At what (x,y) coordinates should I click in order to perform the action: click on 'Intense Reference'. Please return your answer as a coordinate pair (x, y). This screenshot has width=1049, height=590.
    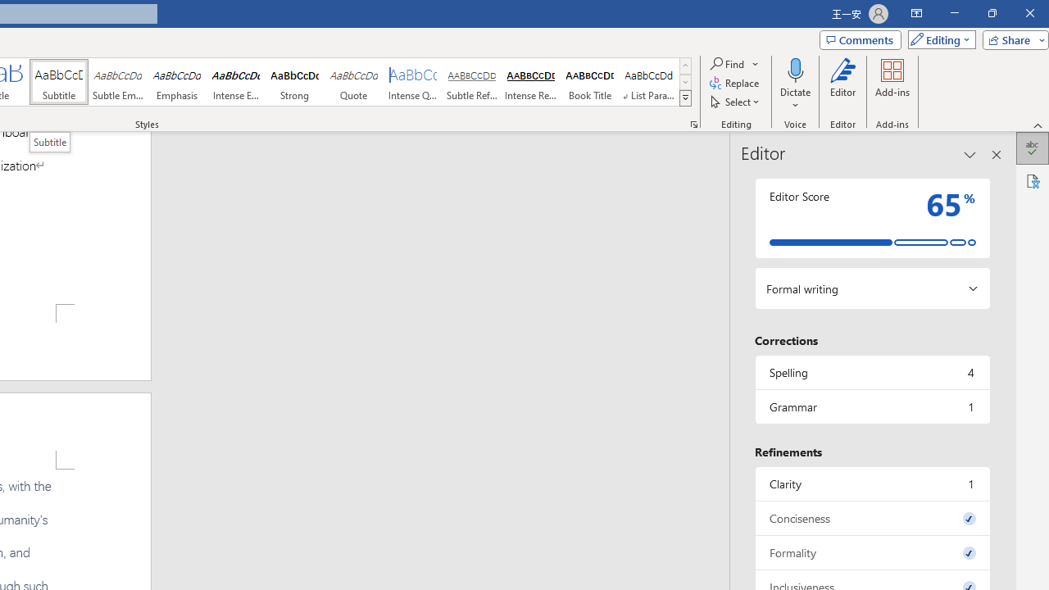
    Looking at the image, I should click on (530, 82).